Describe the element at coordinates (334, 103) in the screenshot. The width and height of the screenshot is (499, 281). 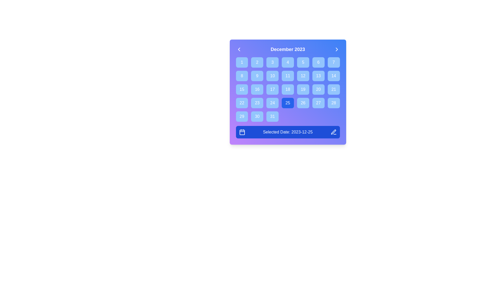
I see `the rounded rectangular button with a blue background and white text displaying '28', part of a calendar interface` at that location.